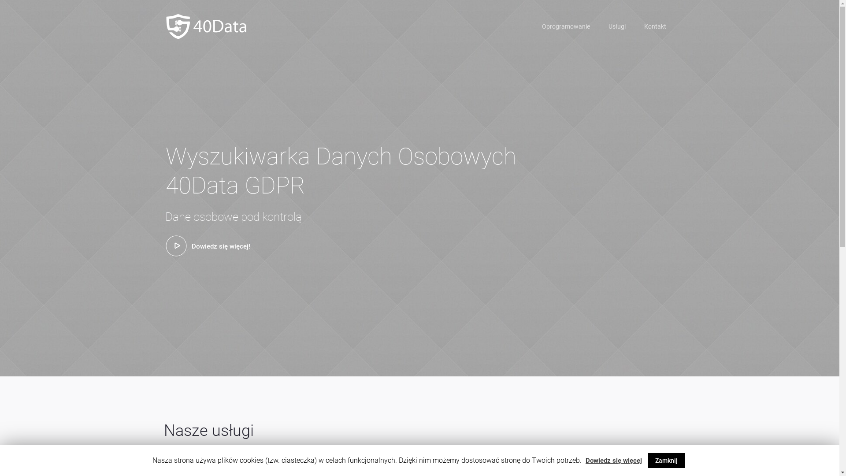 The height and width of the screenshot is (476, 846). What do you see at coordinates (655, 26) in the screenshot?
I see `'Kontakt'` at bounding box center [655, 26].